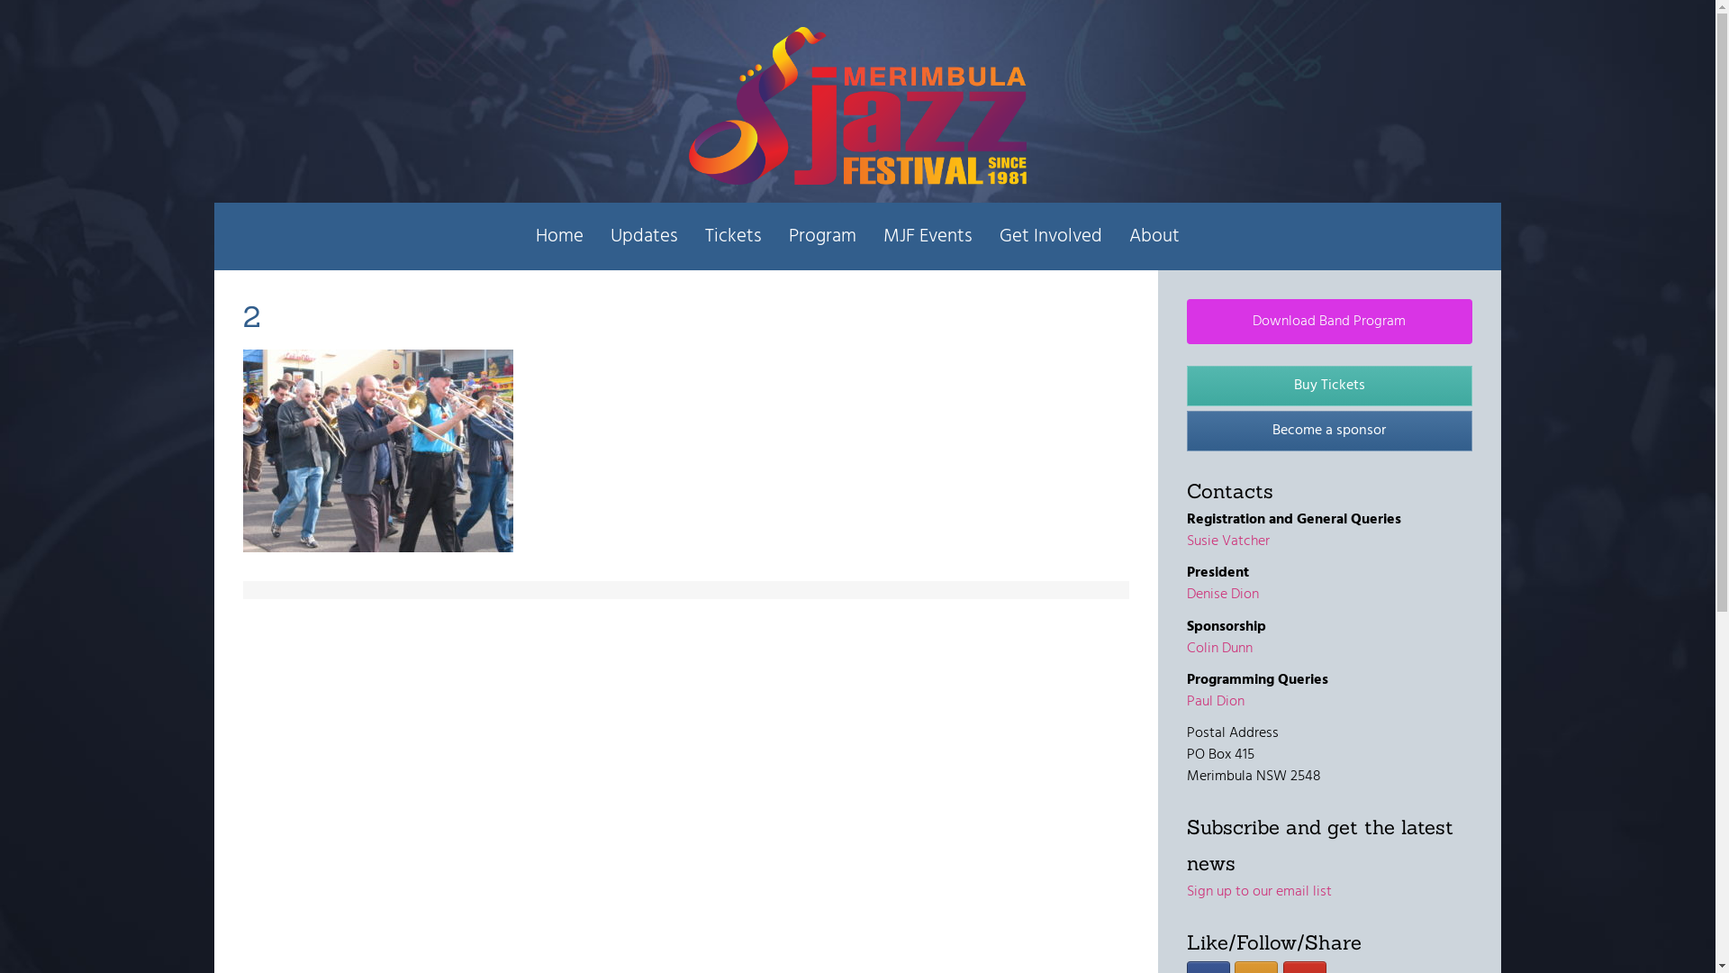  What do you see at coordinates (1187, 649) in the screenshot?
I see `'Colin Dunn'` at bounding box center [1187, 649].